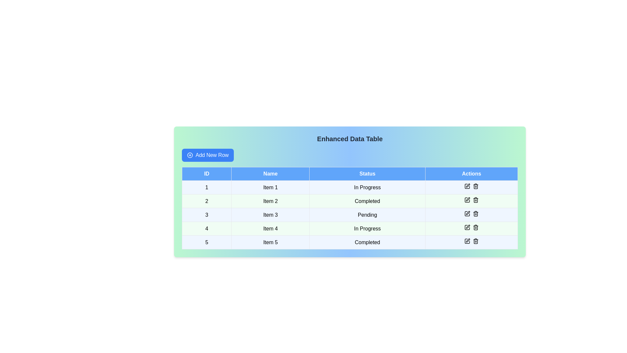 This screenshot has width=627, height=353. I want to click on the non-interactive display cell in the table that shows the title 'Item 4', located in the second column of the fourth row, under the 'Name' header, so click(270, 228).